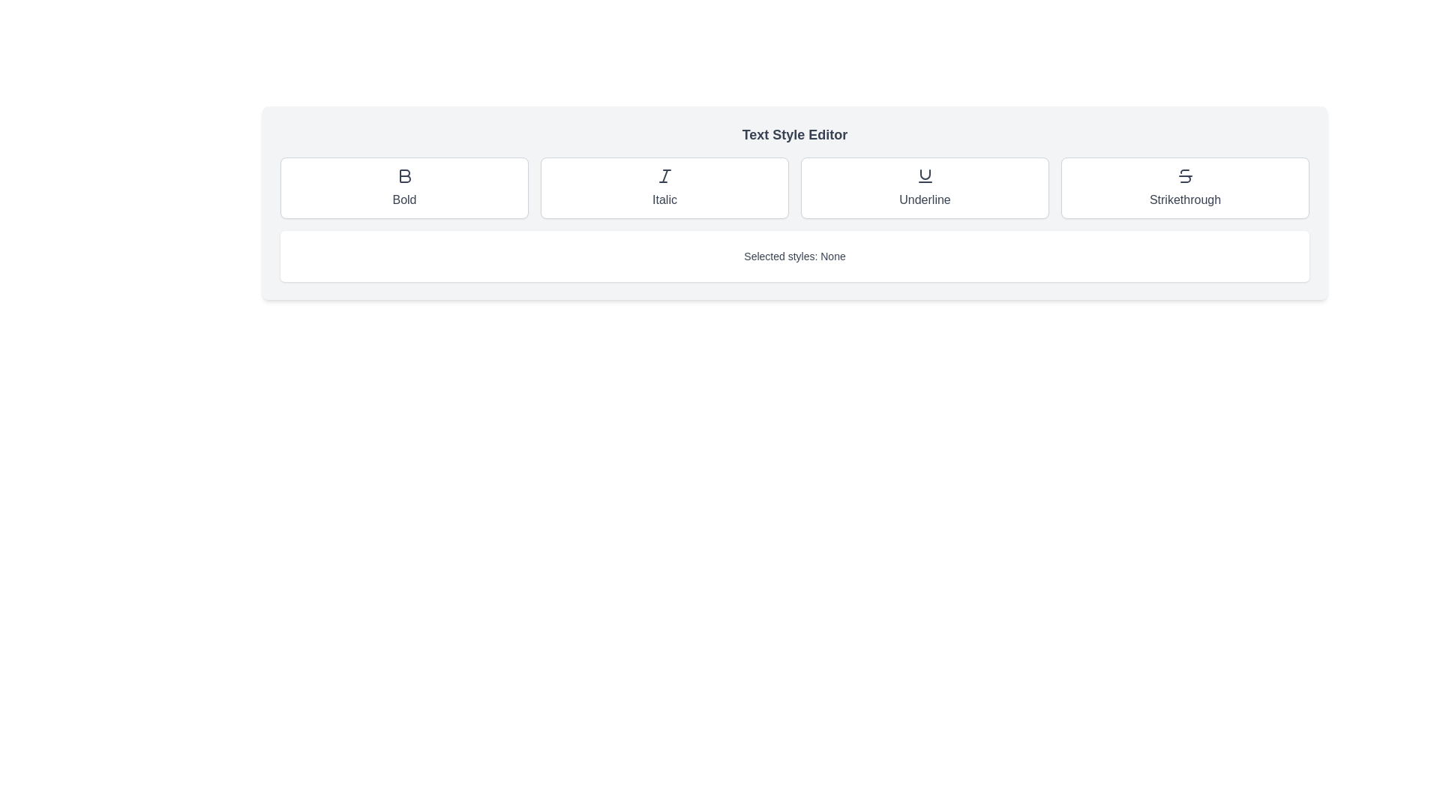 This screenshot has width=1440, height=810. What do you see at coordinates (1184, 175) in the screenshot?
I see `the icon button resembling the letter 'S' crossed with a horizontal line in the text formatting section` at bounding box center [1184, 175].